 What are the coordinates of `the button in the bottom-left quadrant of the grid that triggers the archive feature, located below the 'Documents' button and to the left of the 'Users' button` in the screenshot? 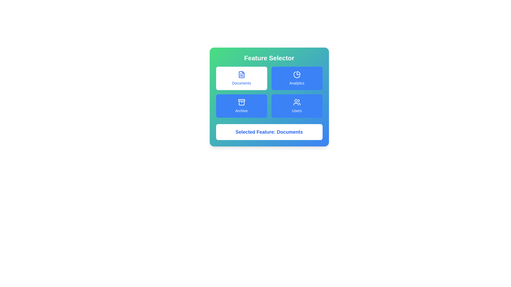 It's located at (241, 106).